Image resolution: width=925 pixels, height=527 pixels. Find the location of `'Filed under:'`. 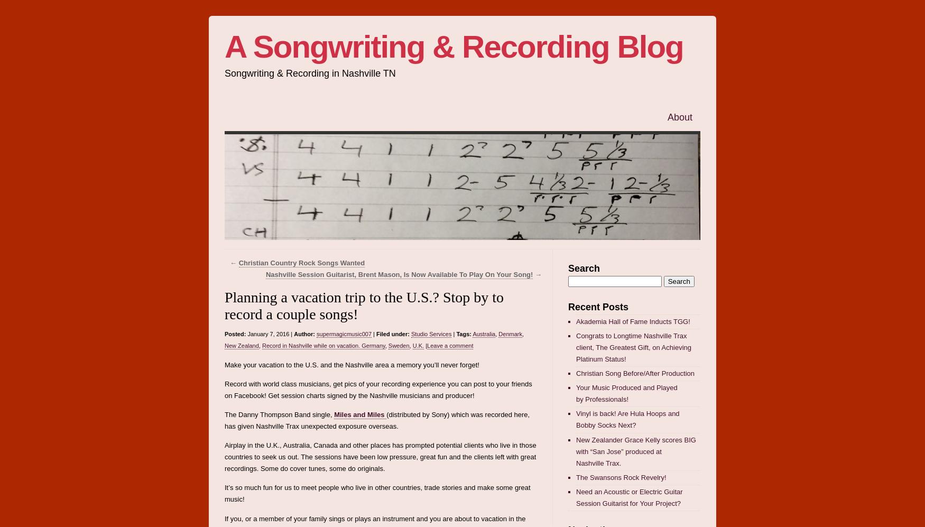

'Filed under:' is located at coordinates (376, 333).